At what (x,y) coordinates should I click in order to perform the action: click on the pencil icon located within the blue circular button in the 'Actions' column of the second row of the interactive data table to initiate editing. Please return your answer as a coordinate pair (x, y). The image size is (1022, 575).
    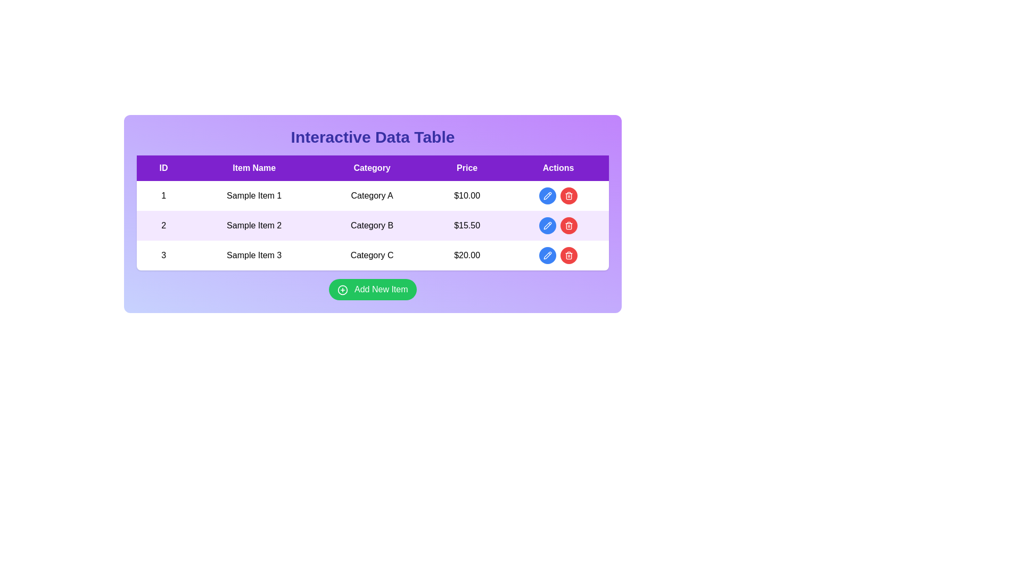
    Looking at the image, I should click on (547, 195).